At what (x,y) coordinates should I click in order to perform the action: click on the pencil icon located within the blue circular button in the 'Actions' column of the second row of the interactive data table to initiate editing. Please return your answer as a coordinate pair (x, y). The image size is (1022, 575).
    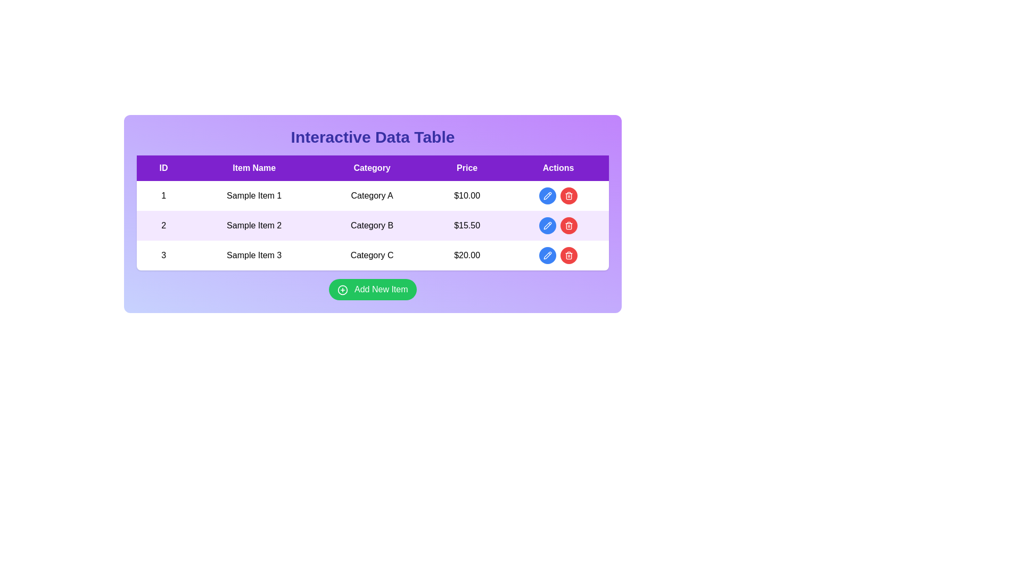
    Looking at the image, I should click on (547, 195).